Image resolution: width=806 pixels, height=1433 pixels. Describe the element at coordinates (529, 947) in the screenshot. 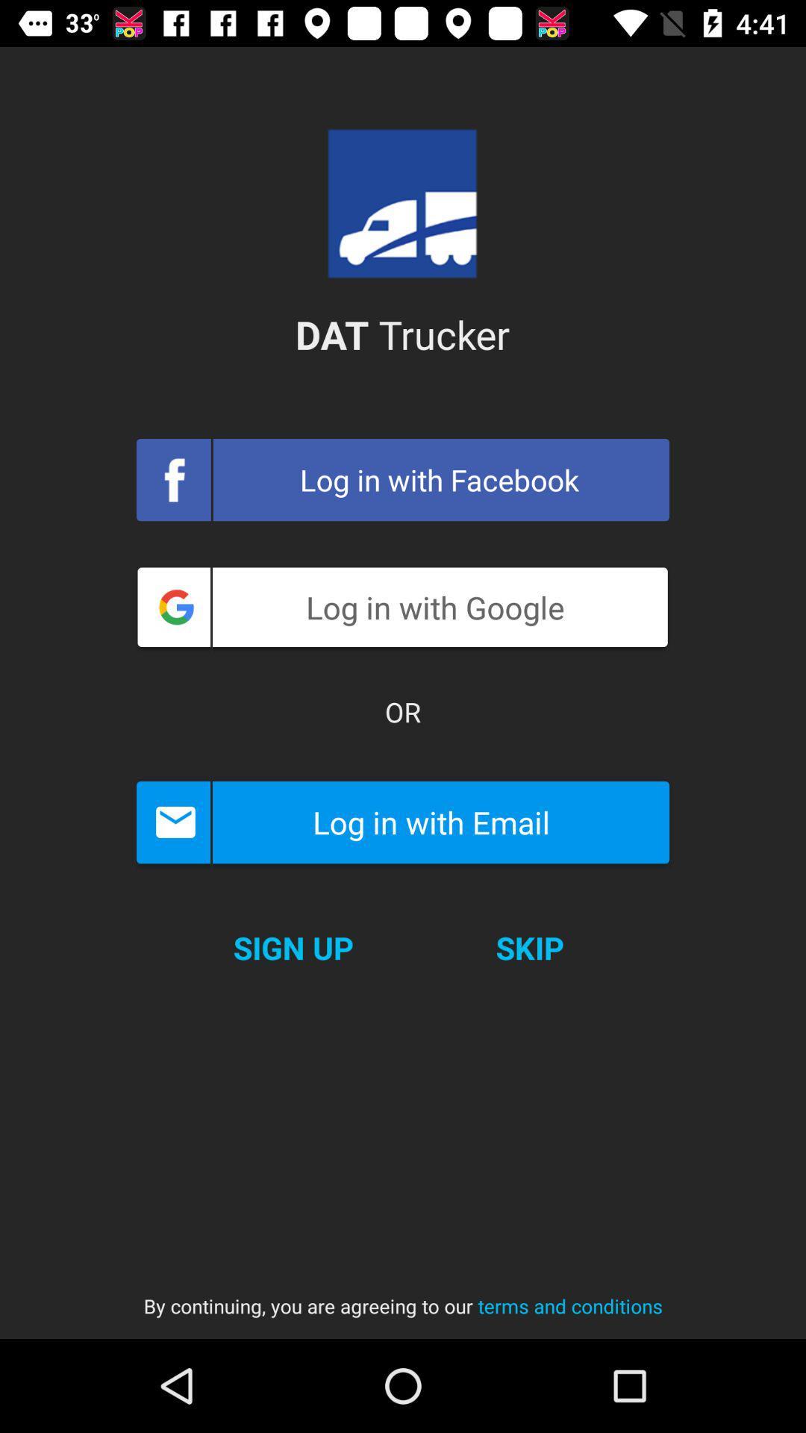

I see `the skip` at that location.